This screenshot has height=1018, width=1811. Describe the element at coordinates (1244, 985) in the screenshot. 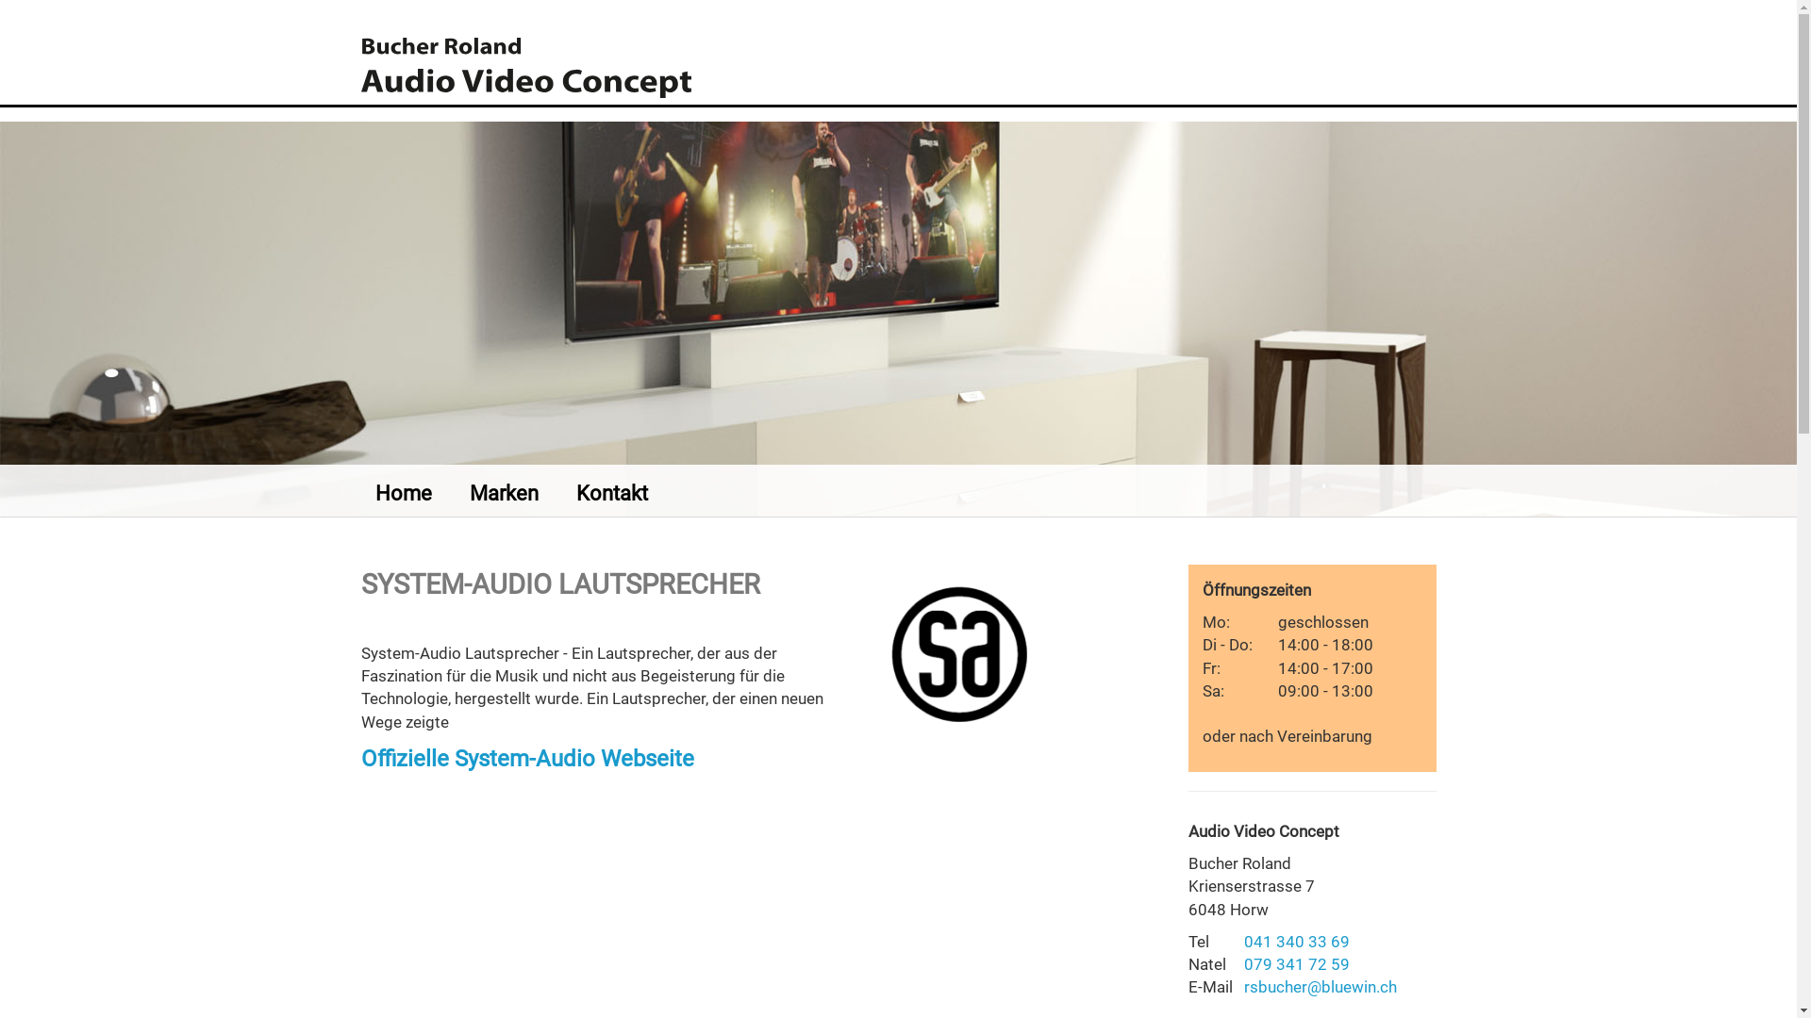

I see `'rsbucher@bluewin.ch'` at that location.